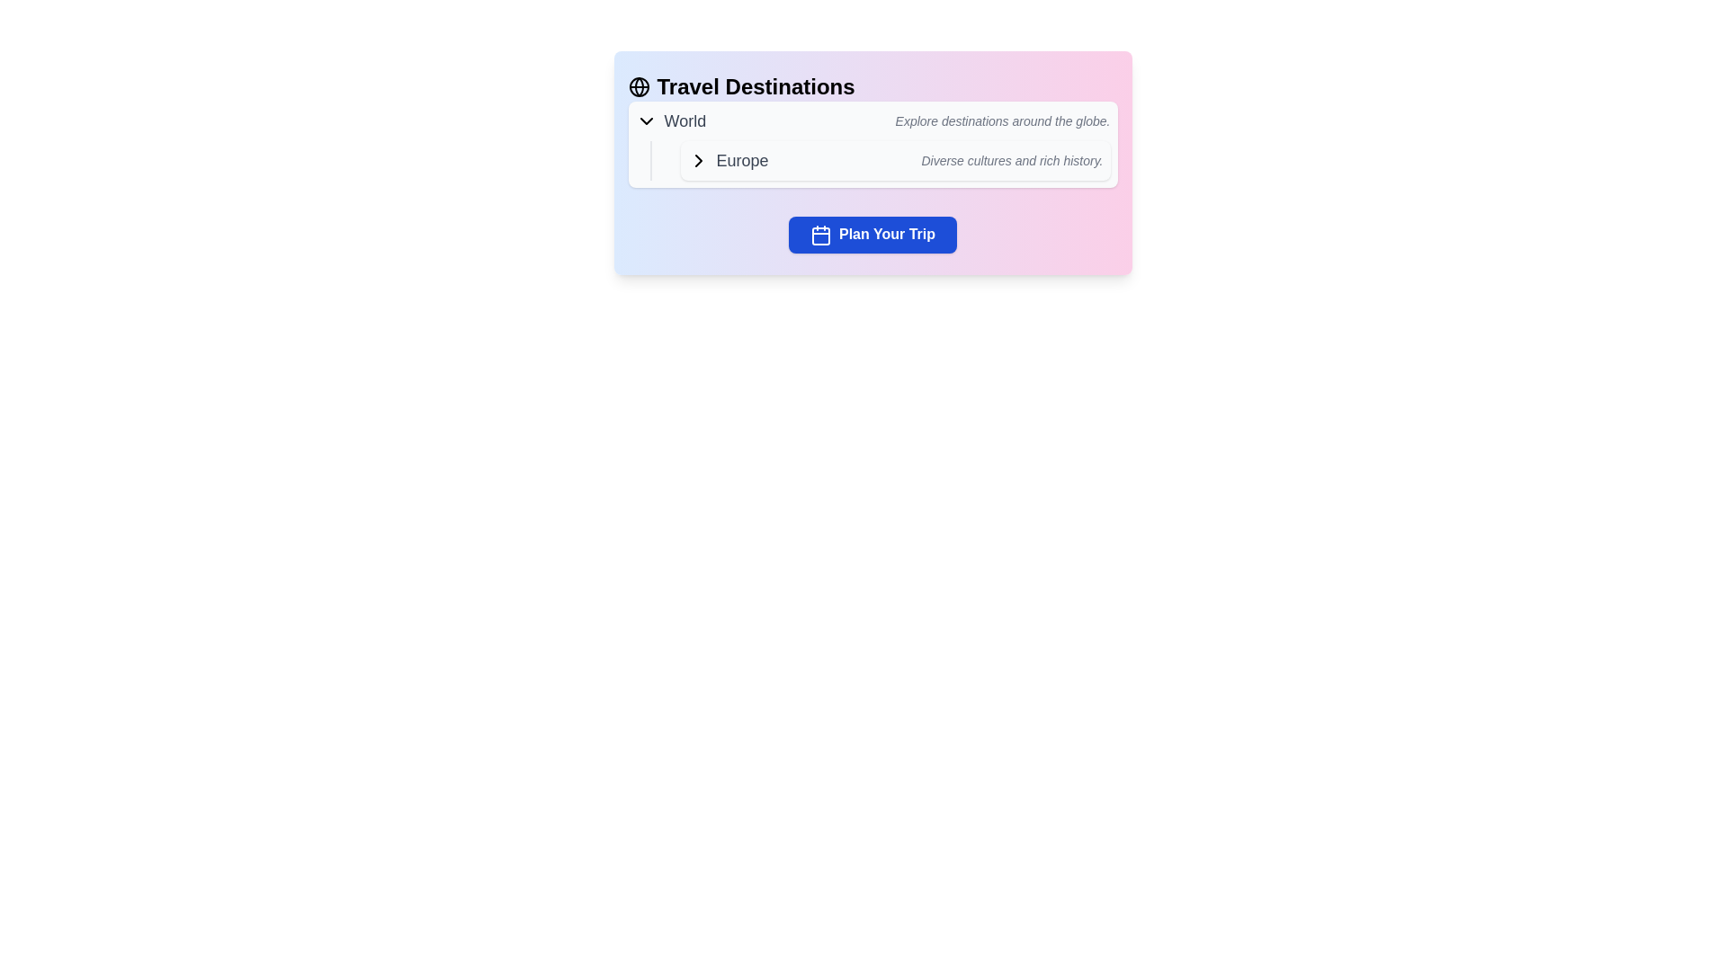 The height and width of the screenshot is (971, 1727). What do you see at coordinates (639, 86) in the screenshot?
I see `the circular globe icon located to the left of the text 'Travel Destinations', which is outlined with a thick black stroke and contains latitude and longitude lines` at bounding box center [639, 86].